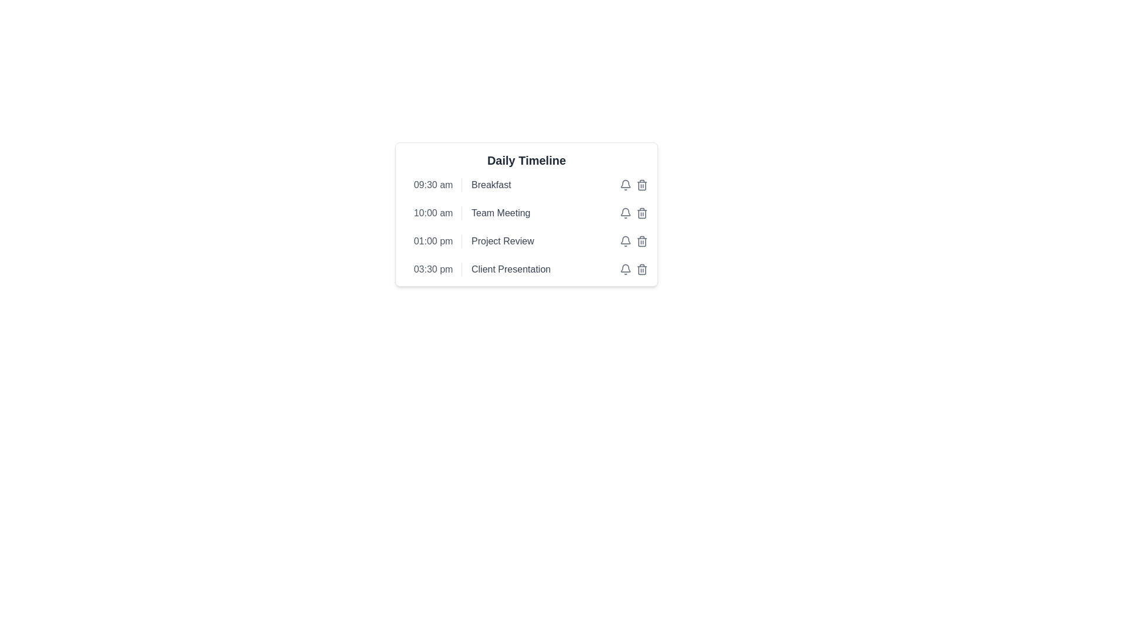 This screenshot has width=1126, height=633. I want to click on the second interactive icon on the far right of the '09:30 am Breakfast' entry in the 'Daily Timeline' section, so click(641, 185).